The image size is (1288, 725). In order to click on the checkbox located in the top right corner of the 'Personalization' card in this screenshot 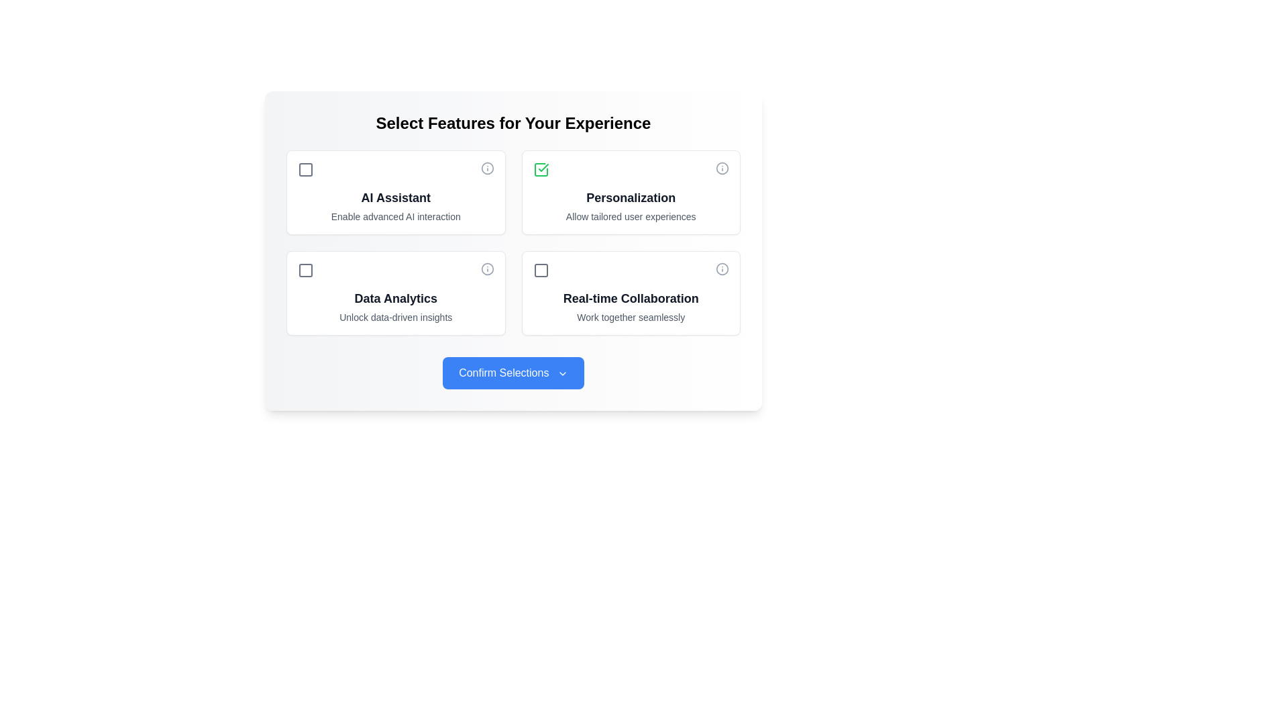, I will do `click(541, 169)`.